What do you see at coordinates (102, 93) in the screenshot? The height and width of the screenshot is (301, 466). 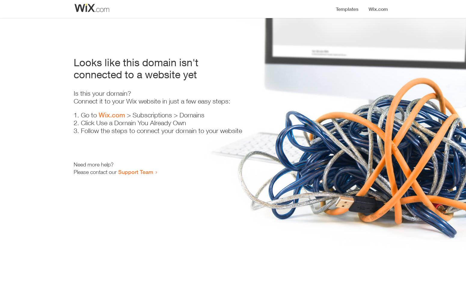 I see `'Is this your domain?'` at bounding box center [102, 93].